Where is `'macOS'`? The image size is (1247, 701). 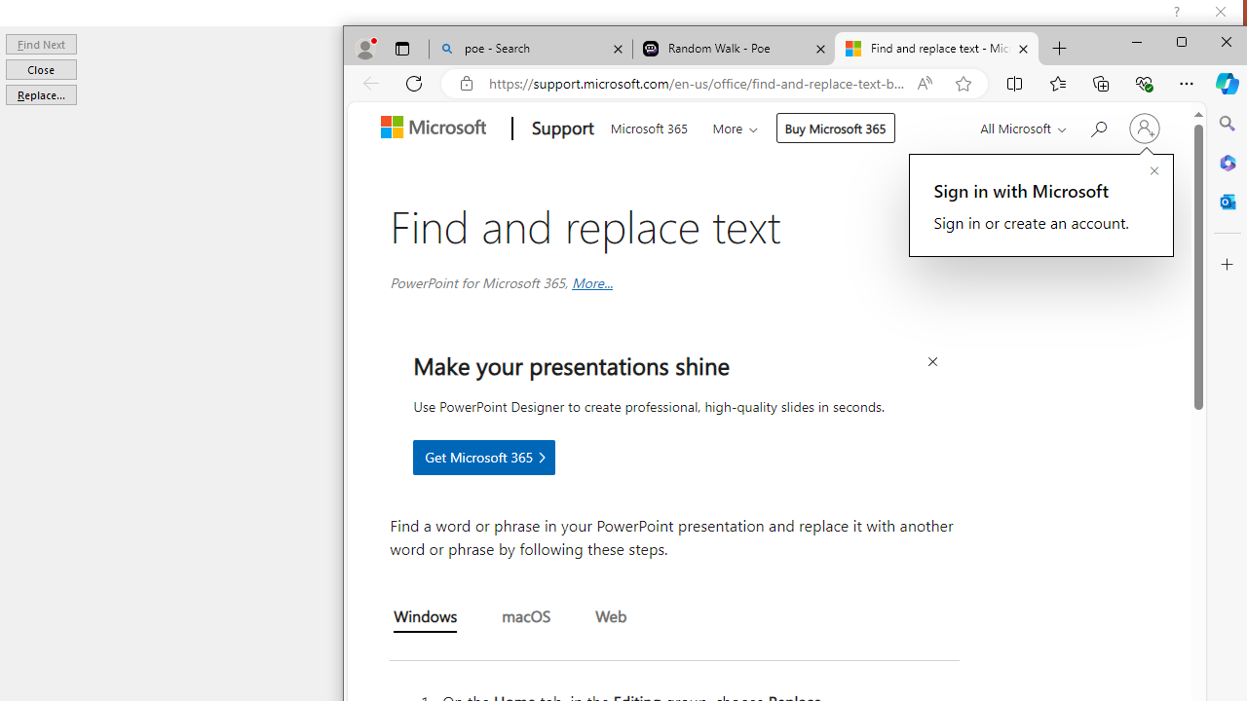 'macOS' is located at coordinates (526, 618).